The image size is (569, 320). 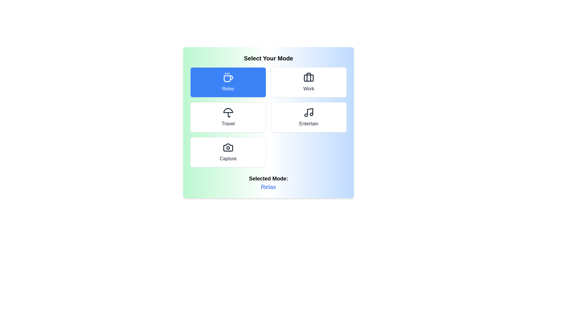 What do you see at coordinates (268, 187) in the screenshot?
I see `the text content of the element displaying the selected mode` at bounding box center [268, 187].